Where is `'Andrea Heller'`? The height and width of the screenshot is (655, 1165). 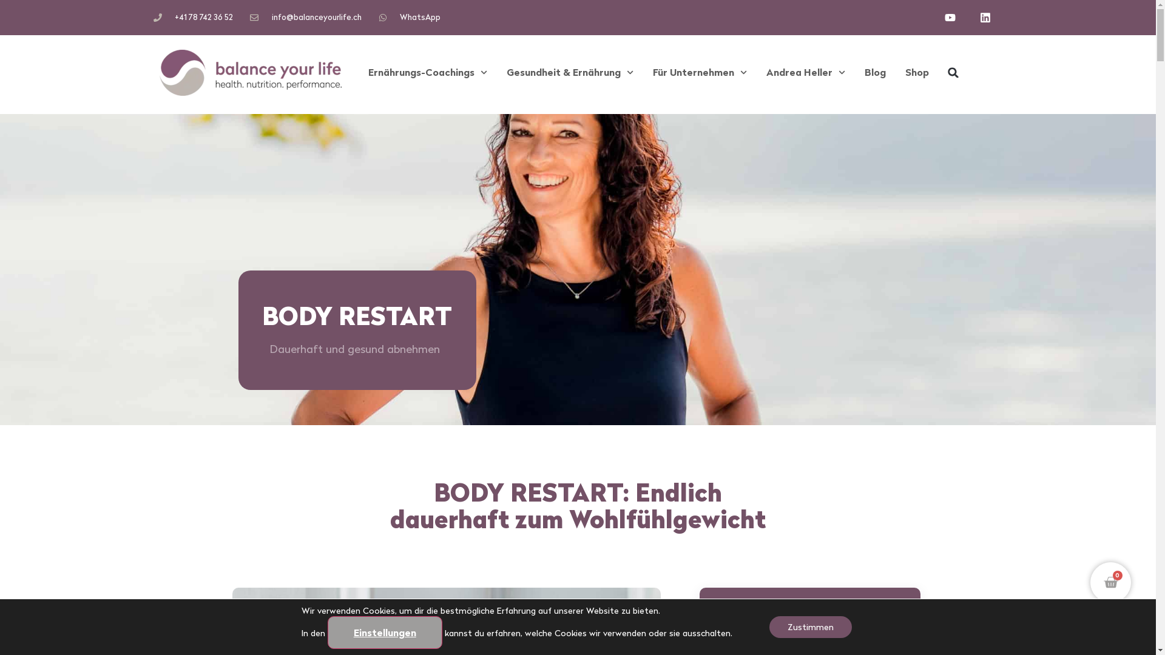 'Andrea Heller' is located at coordinates (806, 72).